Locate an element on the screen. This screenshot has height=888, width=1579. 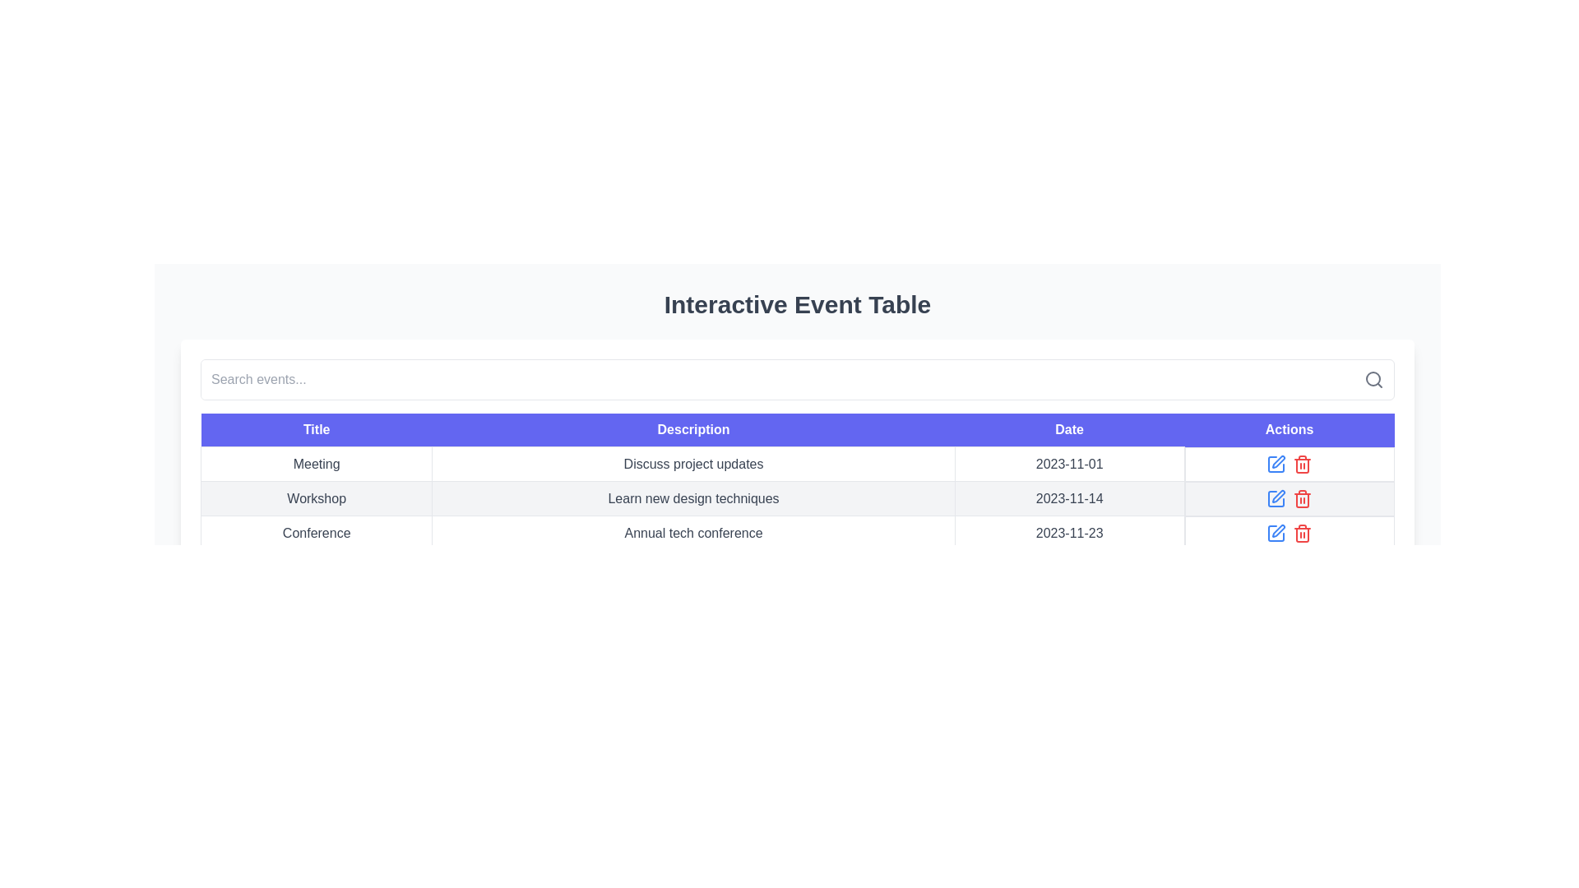
the text displaying the date '2023-11-01' located in the 'Date' column aligned with the 'Meeting' row in a tabular interface is located at coordinates (1069, 464).